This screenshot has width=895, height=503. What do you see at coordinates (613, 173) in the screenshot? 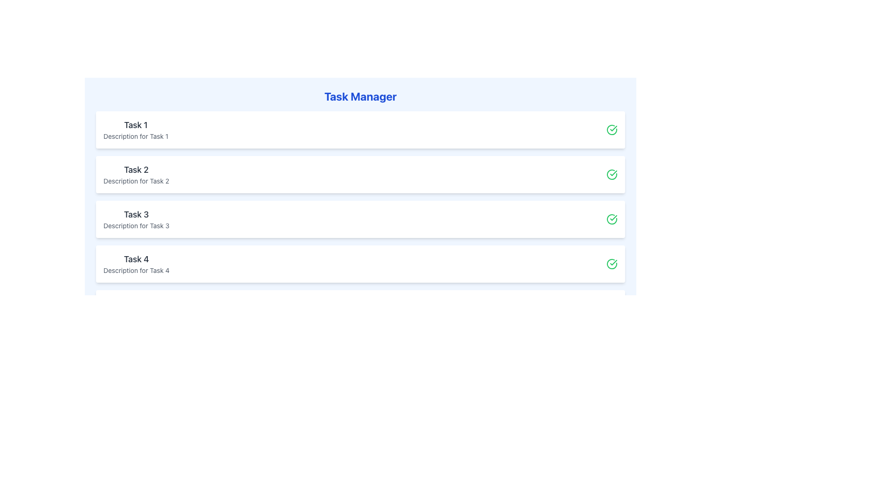
I see `the green check mark symbol inside a circle, which indicates the completion of the third task item in the task list` at bounding box center [613, 173].